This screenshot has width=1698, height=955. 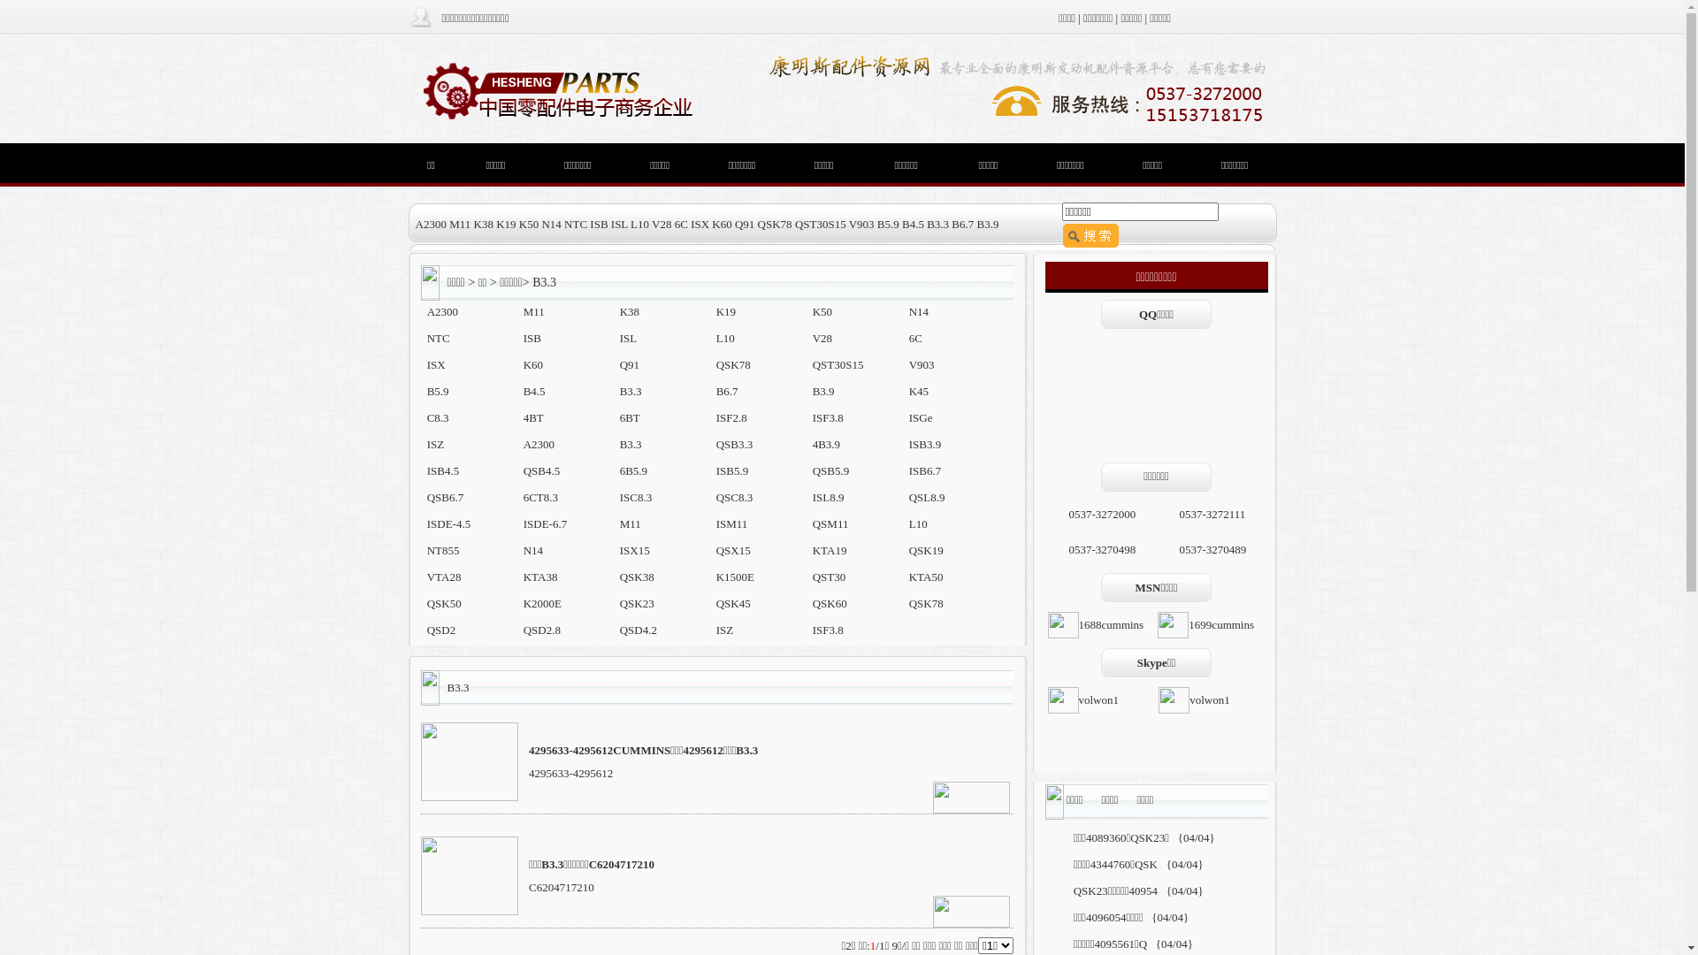 I want to click on 'M11', so click(x=533, y=310).